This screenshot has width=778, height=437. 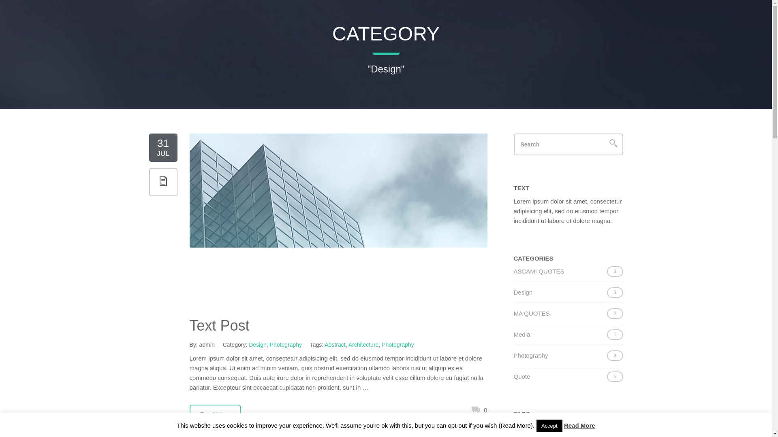 What do you see at coordinates (479, 410) in the screenshot?
I see `'0'` at bounding box center [479, 410].